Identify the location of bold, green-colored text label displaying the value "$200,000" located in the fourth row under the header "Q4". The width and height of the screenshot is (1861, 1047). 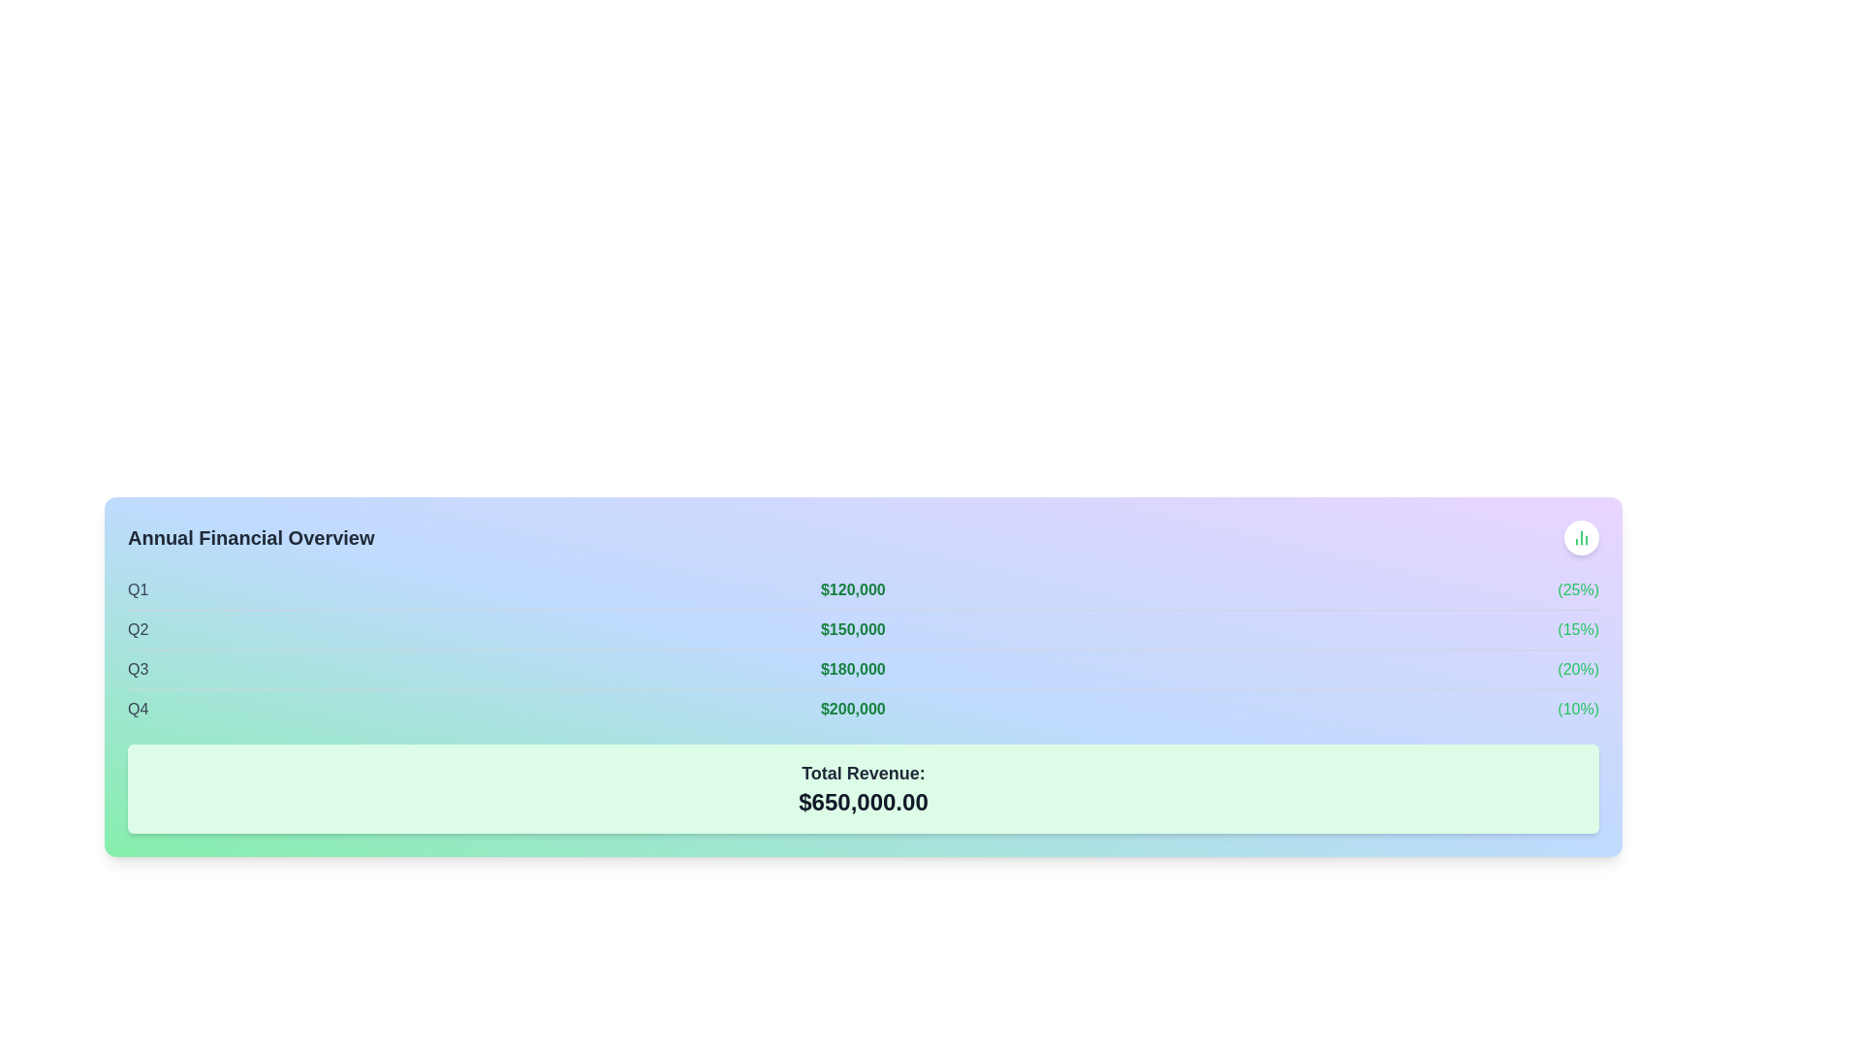
(853, 710).